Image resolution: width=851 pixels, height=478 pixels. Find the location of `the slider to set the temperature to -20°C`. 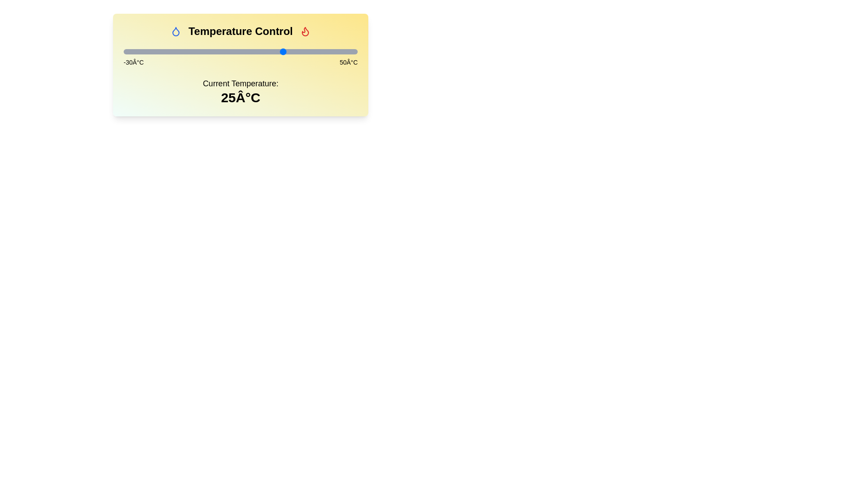

the slider to set the temperature to -20°C is located at coordinates (153, 51).